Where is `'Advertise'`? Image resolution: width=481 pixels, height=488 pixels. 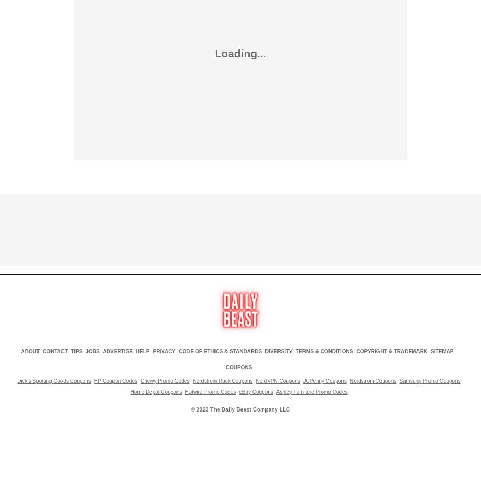
'Advertise' is located at coordinates (117, 351).